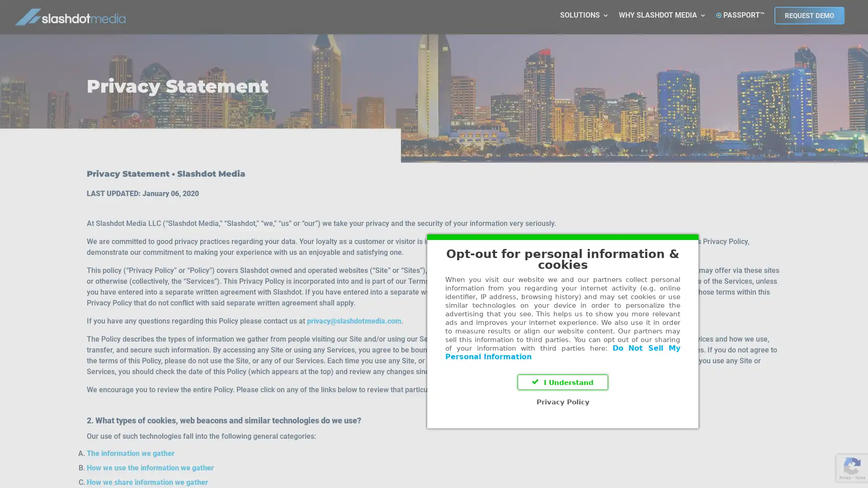 This screenshot has height=488, width=868. What do you see at coordinates (434, 295) in the screenshot?
I see `I Understand` at bounding box center [434, 295].